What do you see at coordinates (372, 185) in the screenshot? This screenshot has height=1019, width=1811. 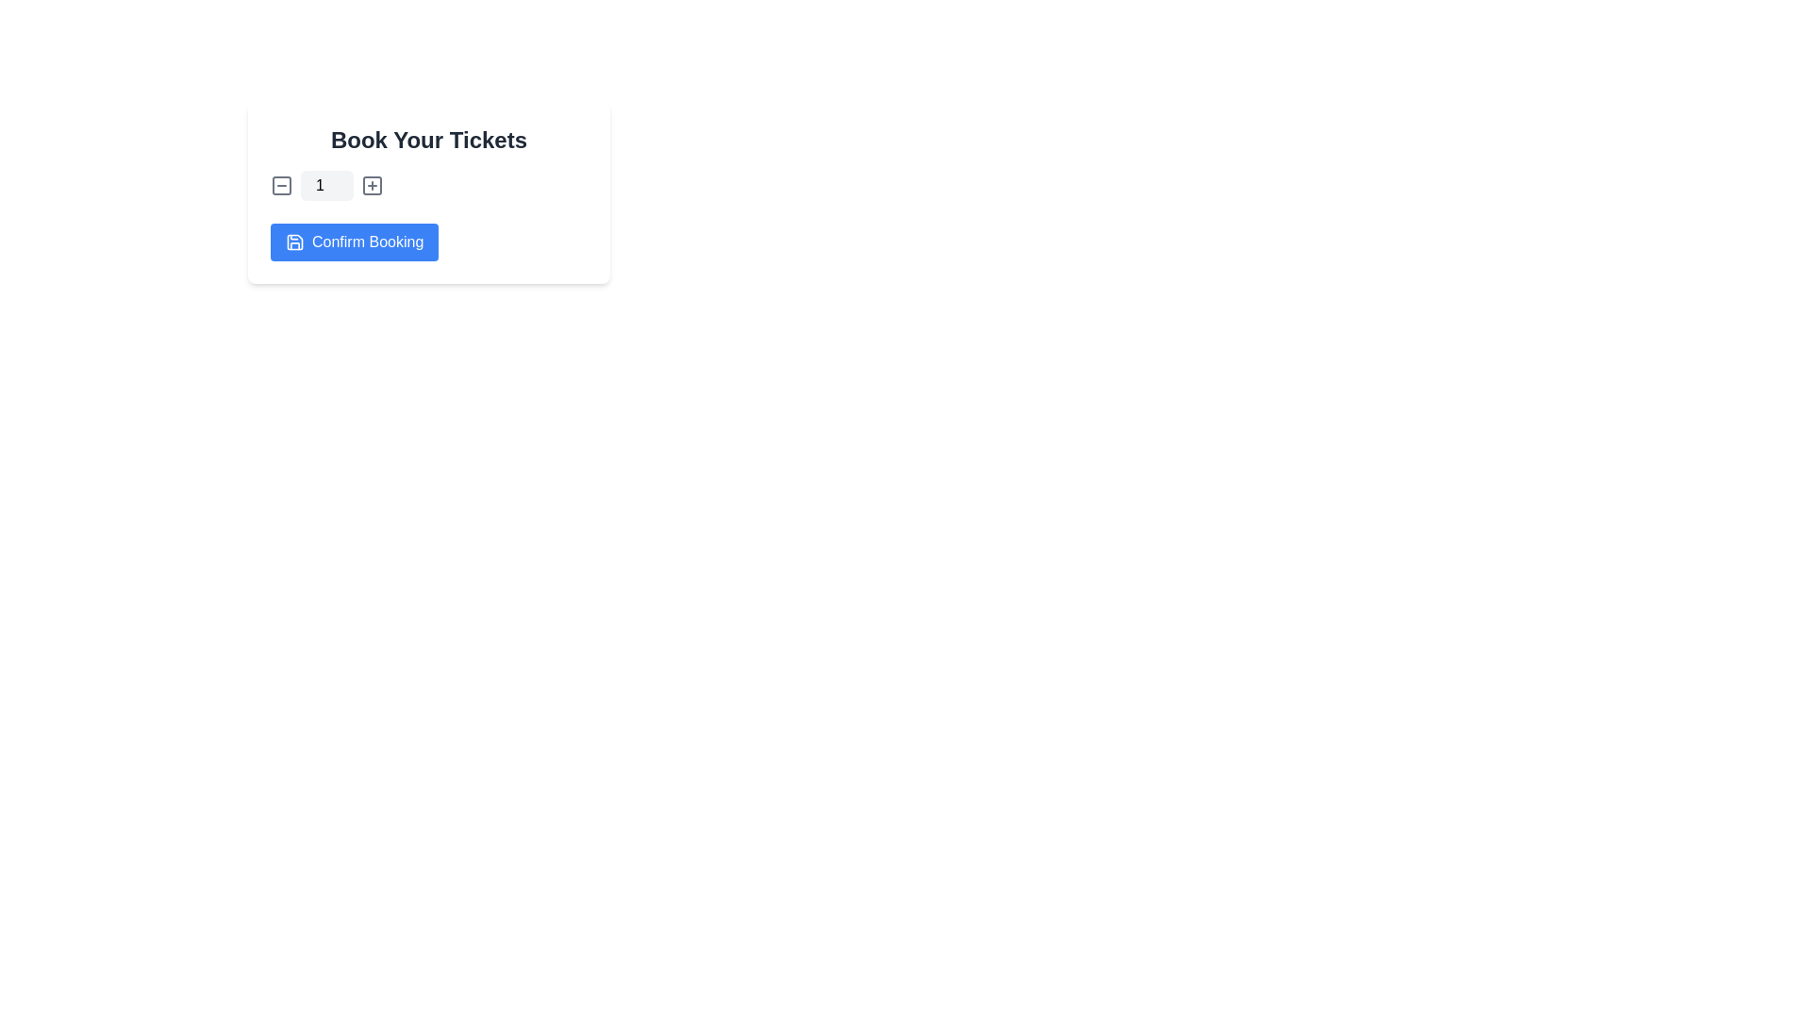 I see `the increment button located to the right of the number input field labeled '1' under the 'Book Your Tickets' header to increment the value` at bounding box center [372, 185].